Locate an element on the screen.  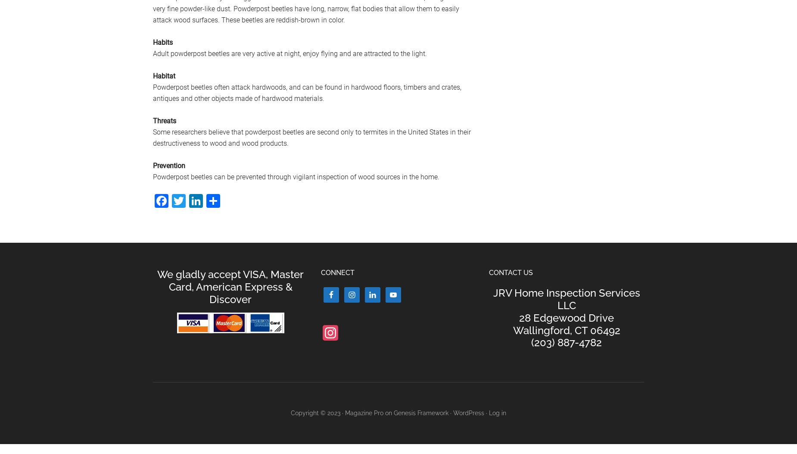
'JRV Home Inspection Services LLC' is located at coordinates (492, 299).